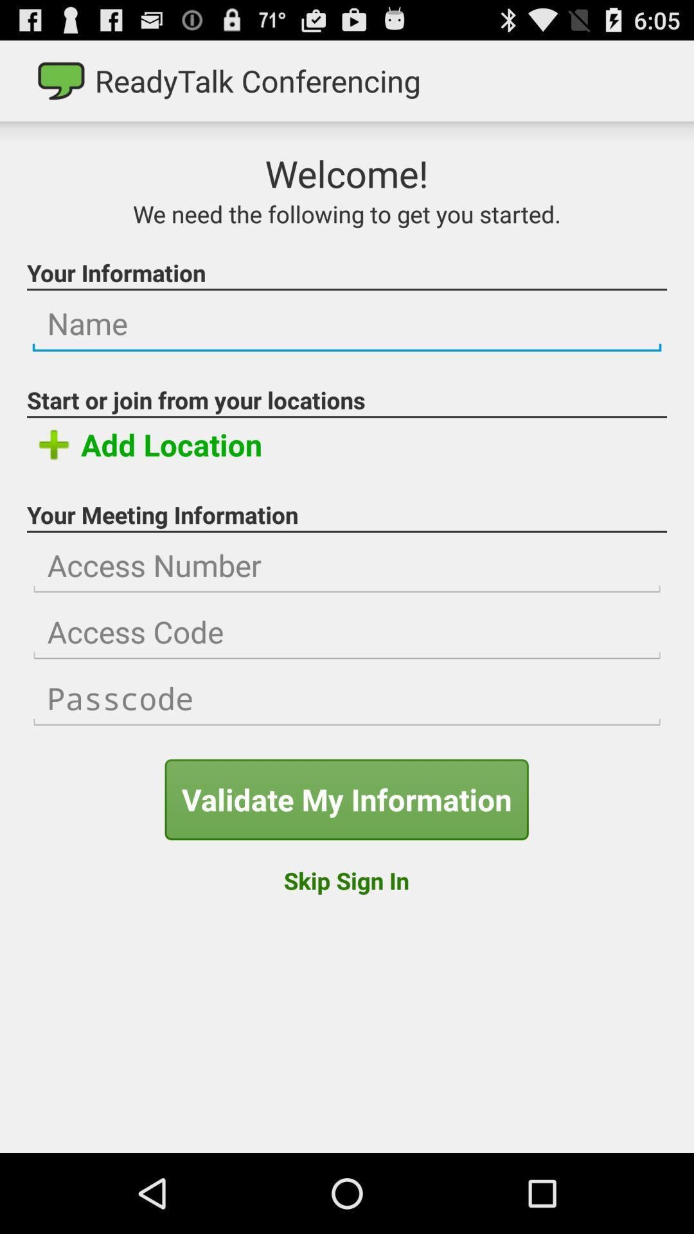 Image resolution: width=694 pixels, height=1234 pixels. What do you see at coordinates (347, 566) in the screenshot?
I see `access number` at bounding box center [347, 566].